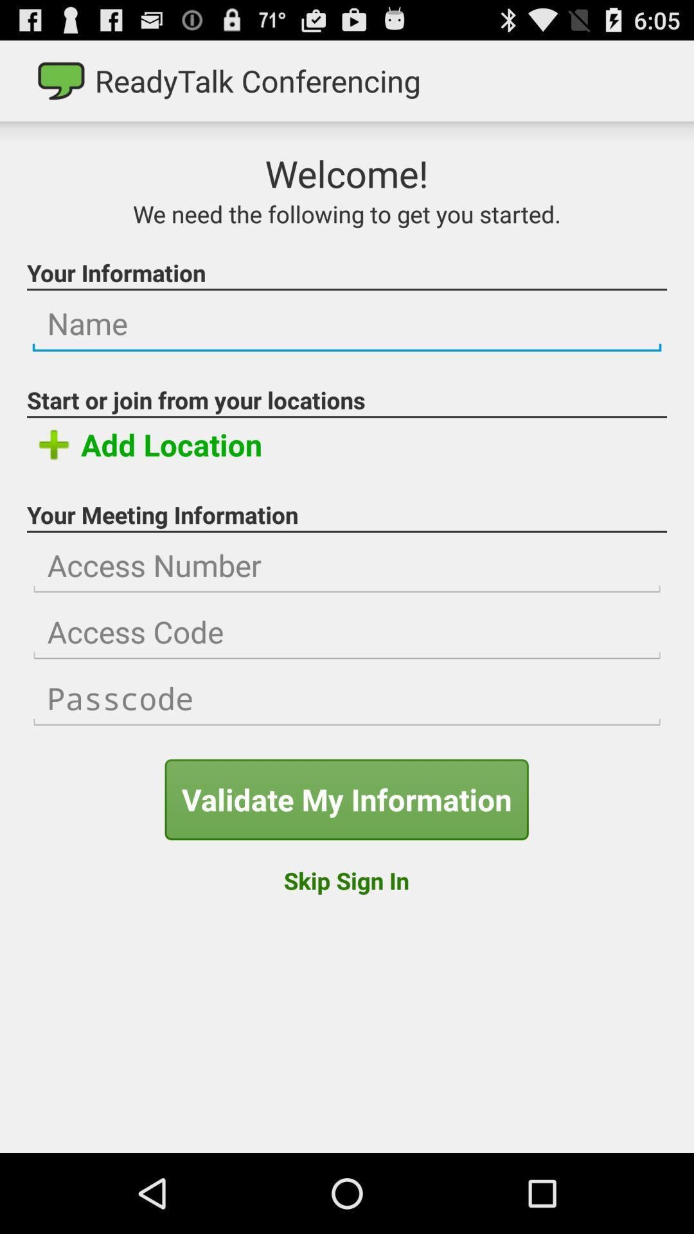 Image resolution: width=694 pixels, height=1234 pixels. What do you see at coordinates (347, 566) in the screenshot?
I see `access number` at bounding box center [347, 566].